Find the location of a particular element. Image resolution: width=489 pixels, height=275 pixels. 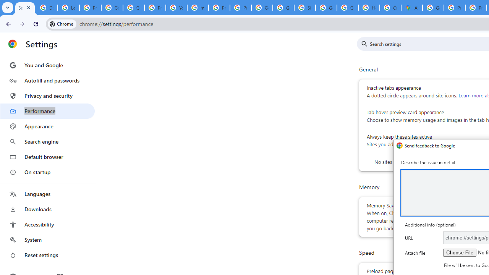

'Default browser' is located at coordinates (47, 157).